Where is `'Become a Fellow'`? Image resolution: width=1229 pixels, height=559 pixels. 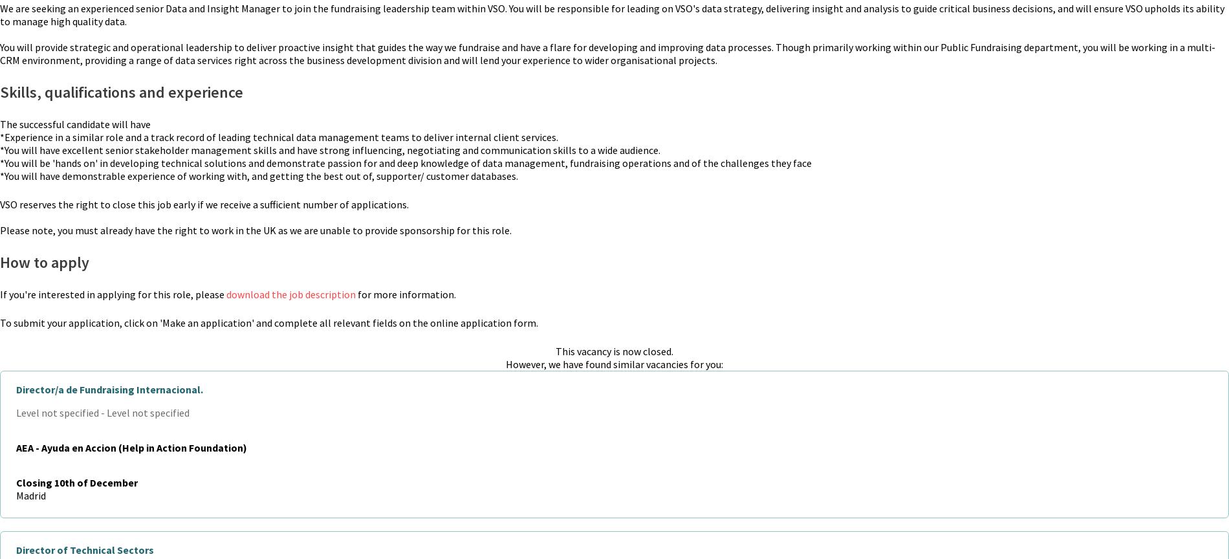
'Become a Fellow' is located at coordinates (349, 367).